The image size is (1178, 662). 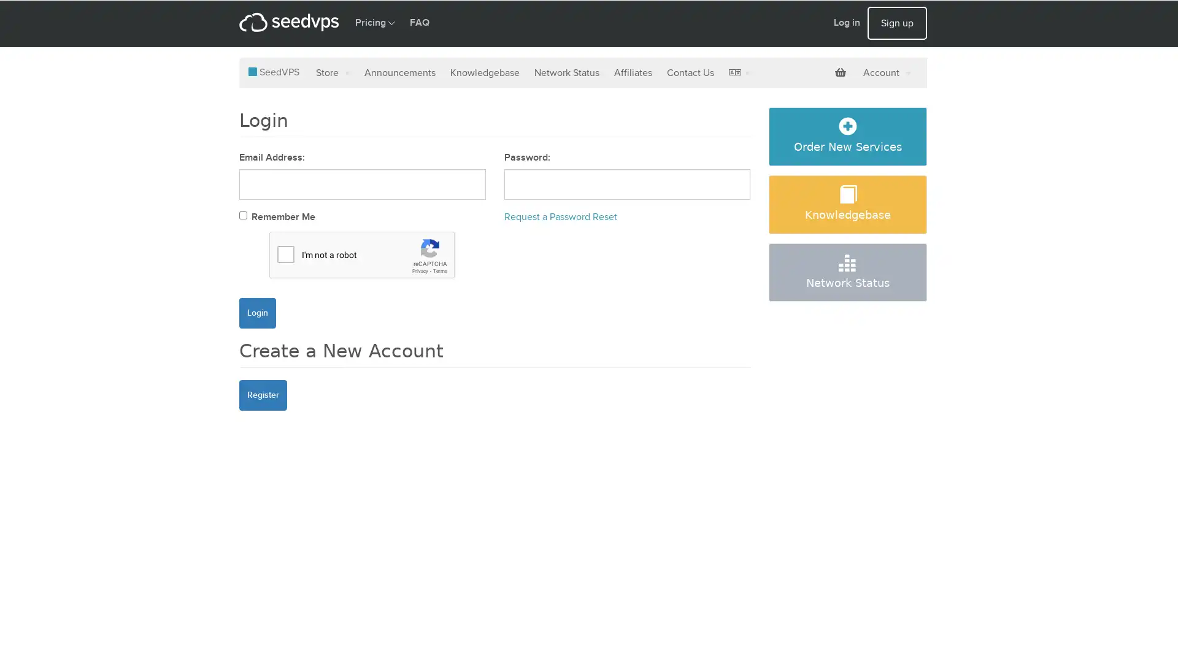 I want to click on Login, so click(x=257, y=312).